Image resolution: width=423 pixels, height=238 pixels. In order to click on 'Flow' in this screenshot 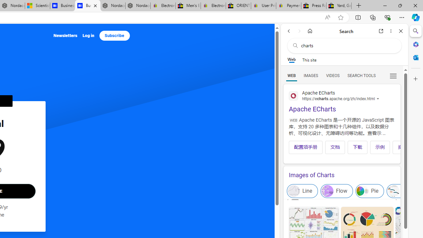, I will do `click(336, 191)`.